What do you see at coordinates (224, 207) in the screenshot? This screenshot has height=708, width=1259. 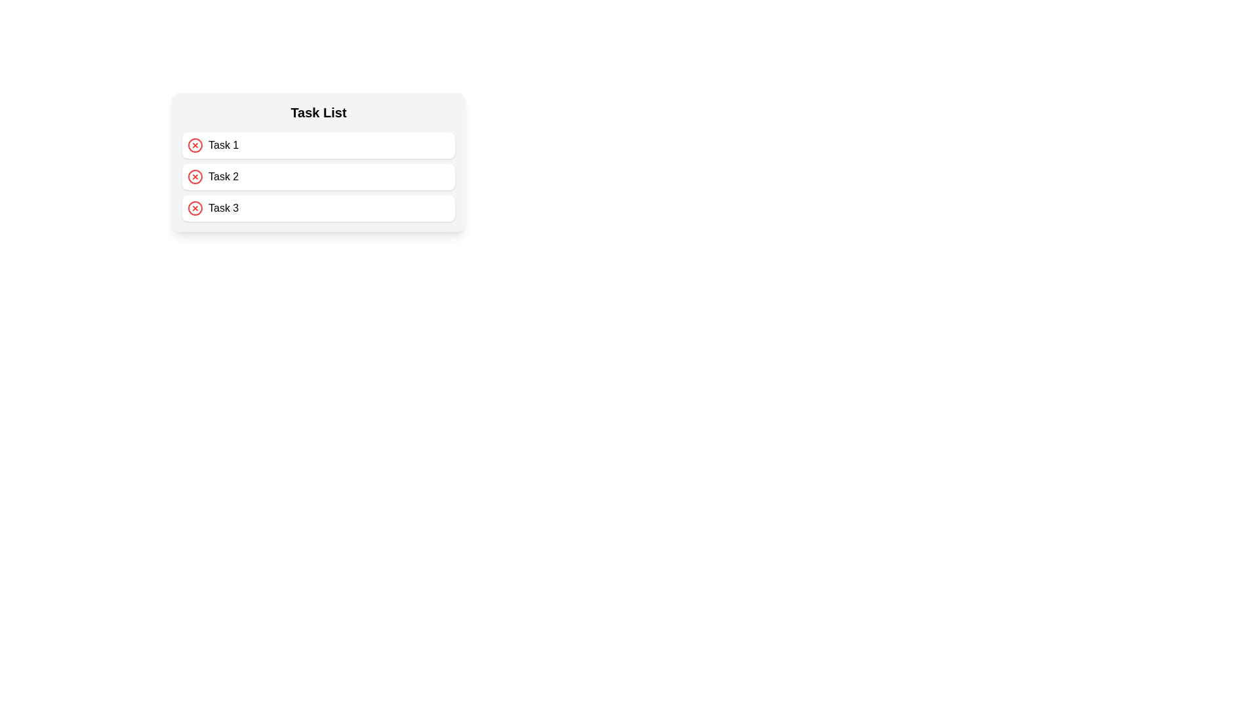 I see `the text label displaying 'Task 3', which is the third item in the task list` at bounding box center [224, 207].